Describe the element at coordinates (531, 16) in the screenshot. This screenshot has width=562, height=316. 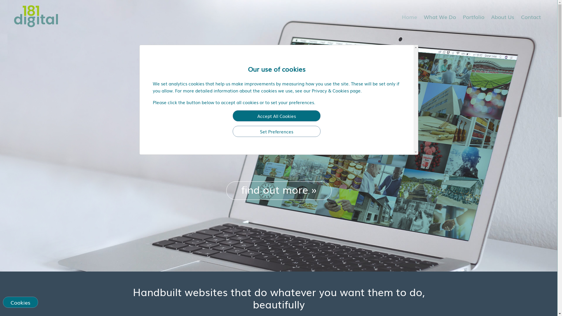
I see `'Contact'` at that location.